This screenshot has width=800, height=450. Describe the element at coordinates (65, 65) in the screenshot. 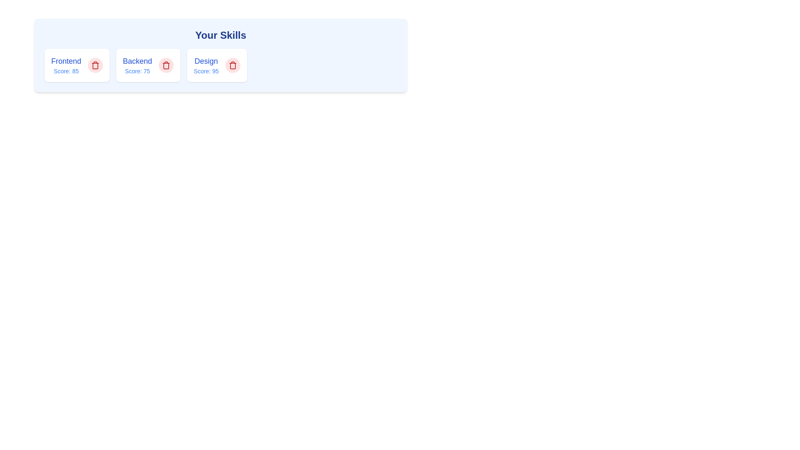

I see `the tag with name Frontend to see its hover effect` at that location.